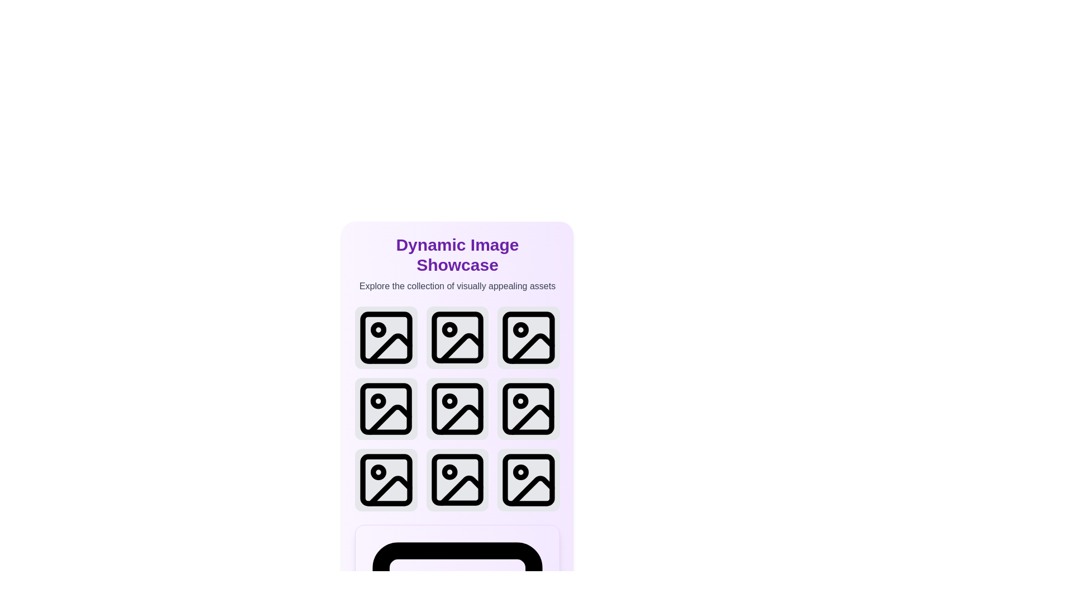 This screenshot has width=1072, height=603. I want to click on title text element that serves as a heading for the content below it, positioned at the center of the interface, so click(457, 255).